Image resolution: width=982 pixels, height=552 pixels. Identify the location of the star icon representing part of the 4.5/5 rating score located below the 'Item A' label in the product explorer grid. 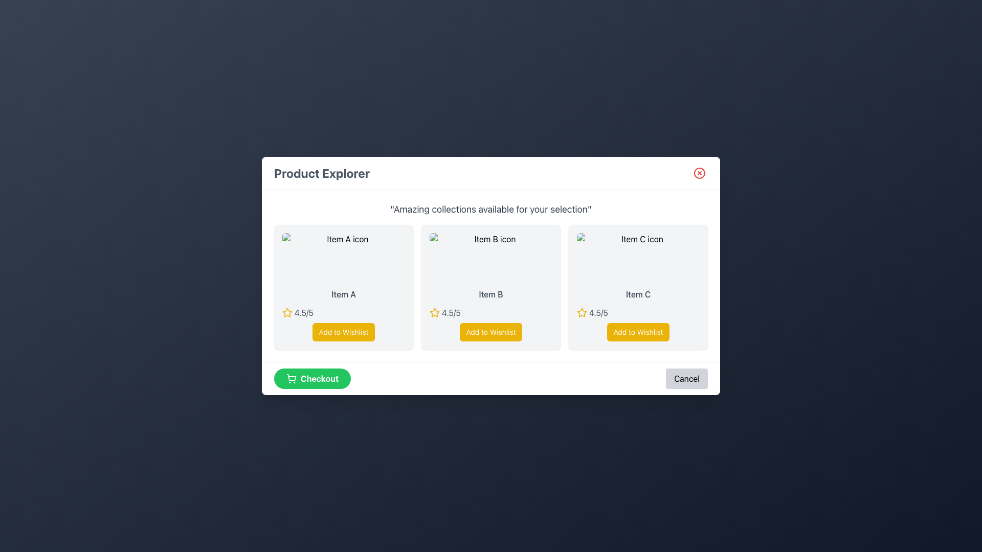
(286, 312).